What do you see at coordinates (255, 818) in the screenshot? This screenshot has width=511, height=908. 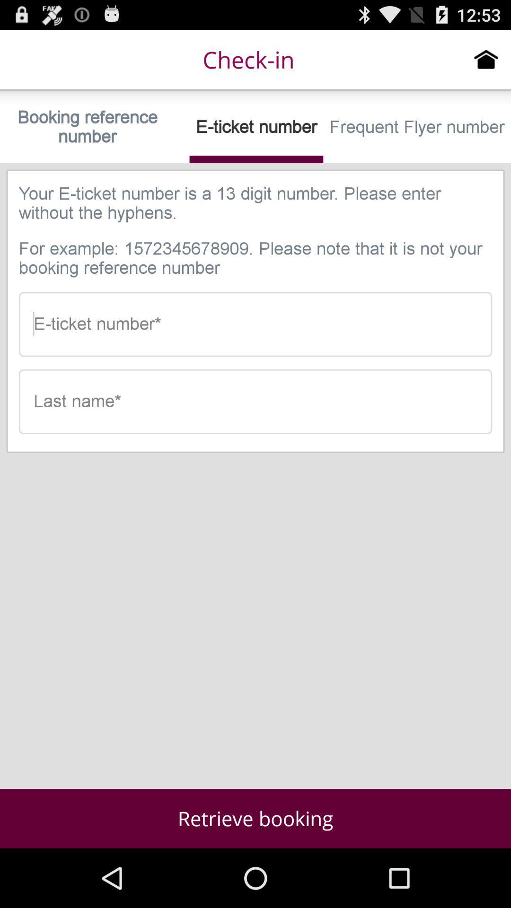 I see `the retrieve booking` at bounding box center [255, 818].